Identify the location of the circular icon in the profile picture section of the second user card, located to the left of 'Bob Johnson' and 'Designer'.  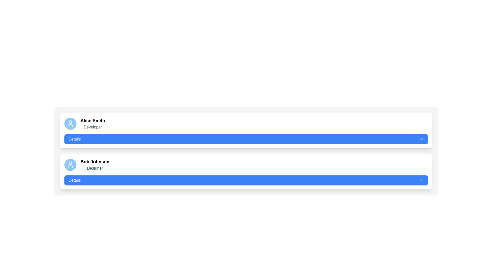
(70, 163).